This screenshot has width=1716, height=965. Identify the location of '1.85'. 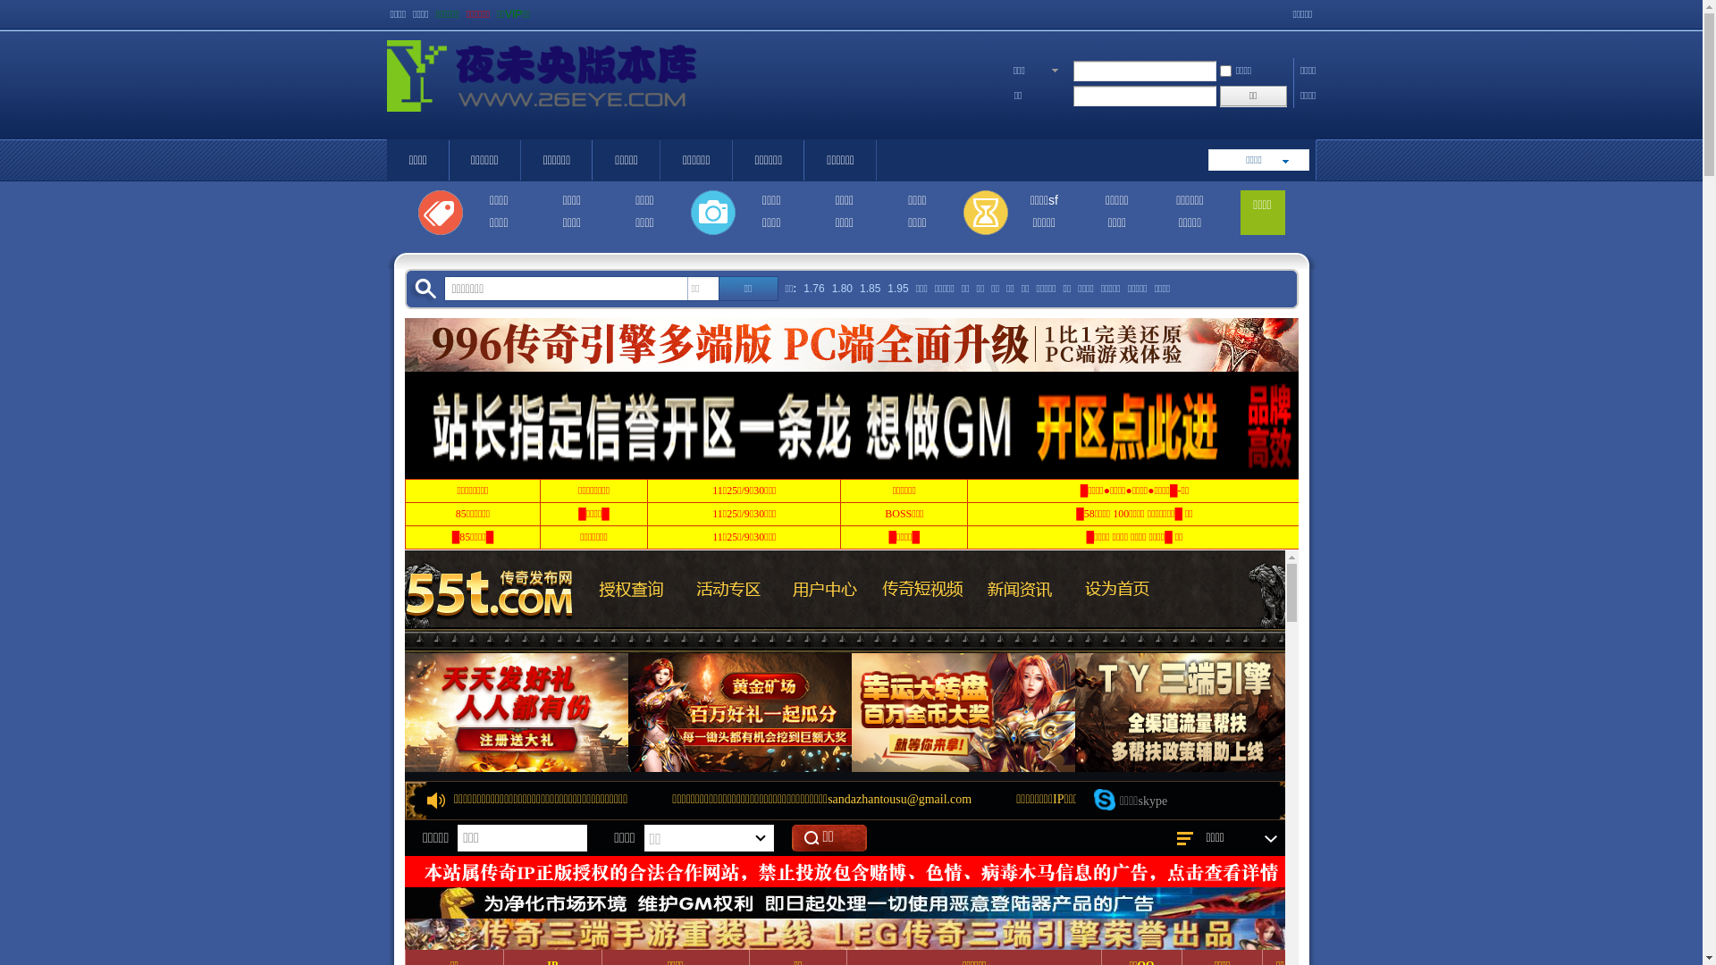
(859, 288).